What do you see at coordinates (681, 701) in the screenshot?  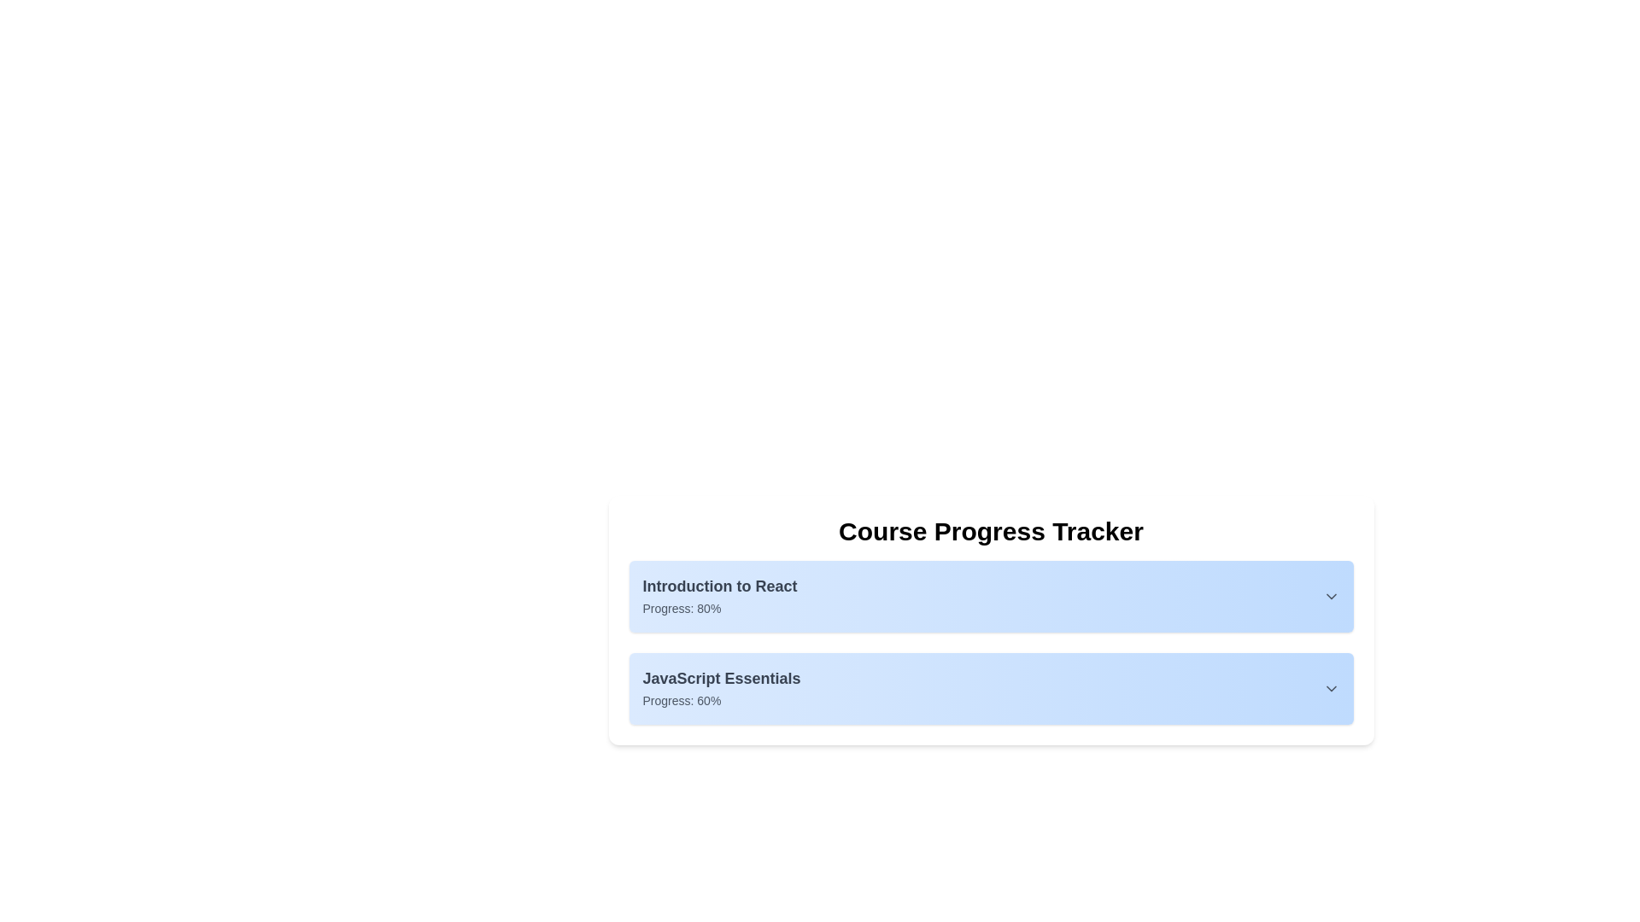 I see `the text display showing 'Progress: 60%' located below the title 'JavaScript Essentials' on a light blue background` at bounding box center [681, 701].